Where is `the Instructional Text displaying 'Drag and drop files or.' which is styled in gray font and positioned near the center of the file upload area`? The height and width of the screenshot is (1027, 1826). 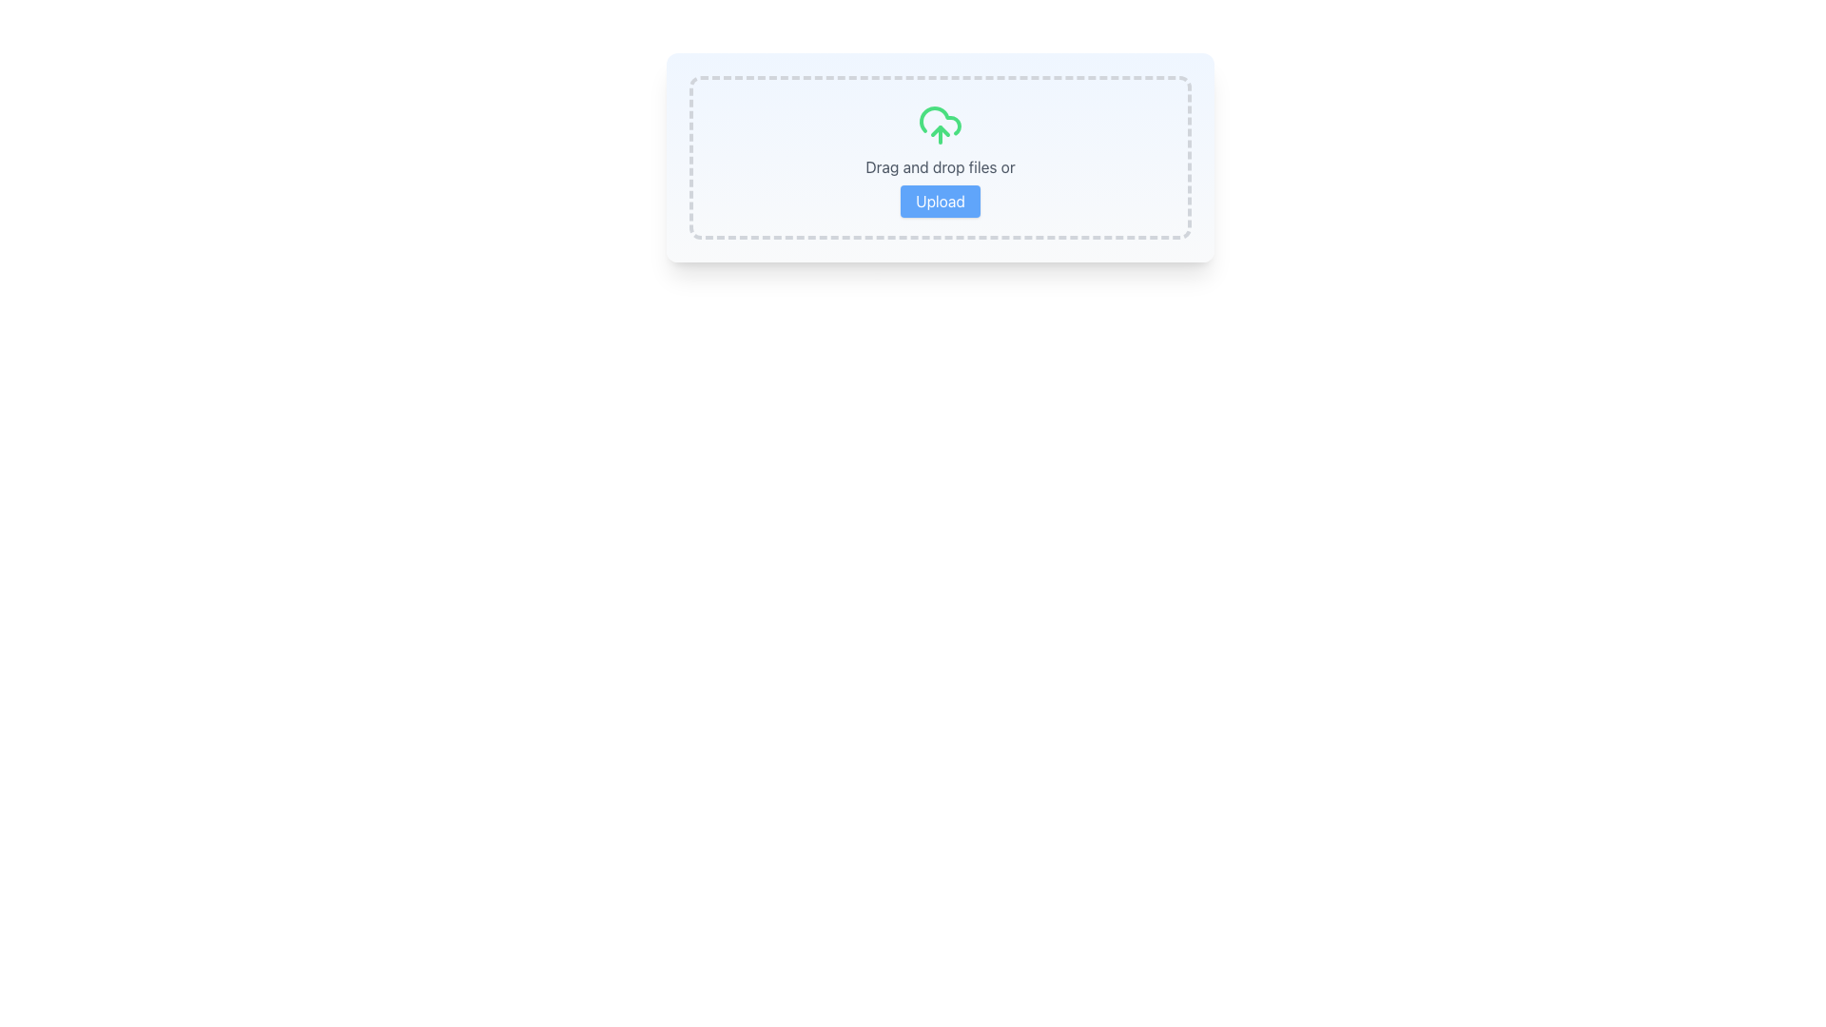 the Instructional Text displaying 'Drag and drop files or.' which is styled in gray font and positioned near the center of the file upload area is located at coordinates (940, 166).